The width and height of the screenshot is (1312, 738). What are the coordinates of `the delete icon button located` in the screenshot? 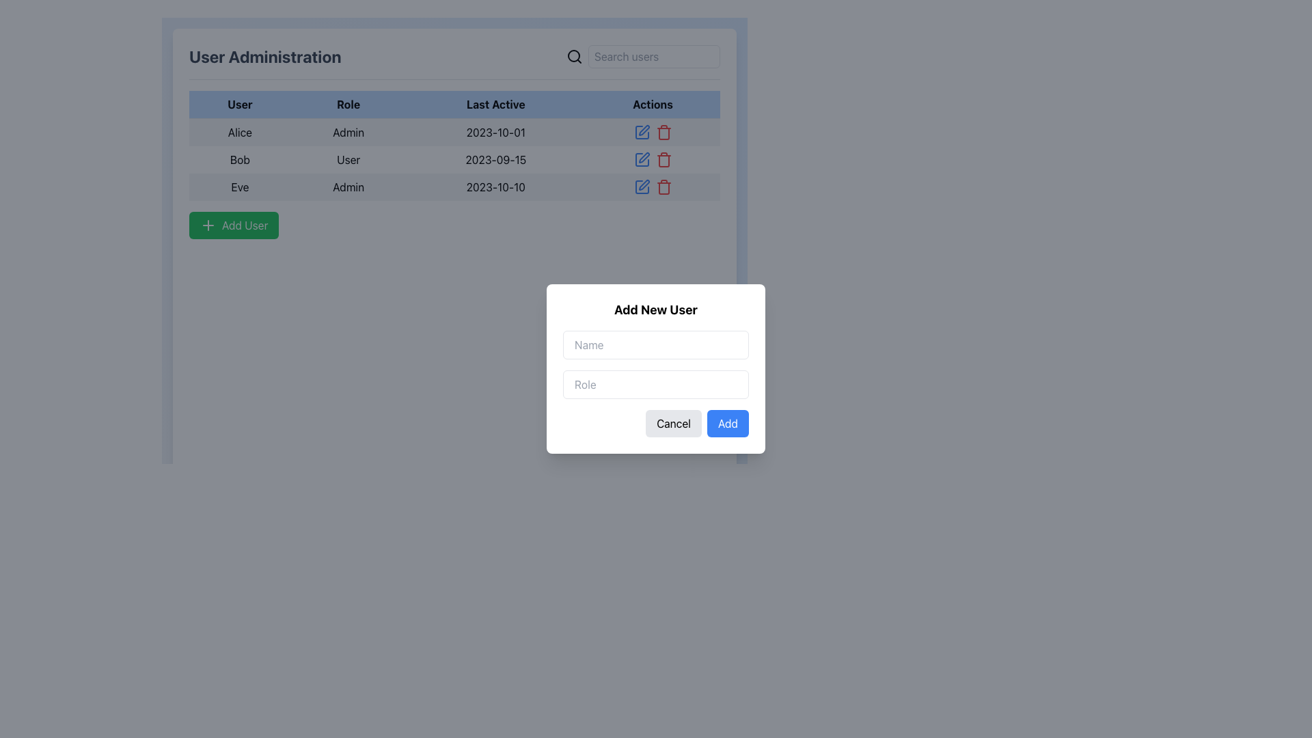 It's located at (664, 159).